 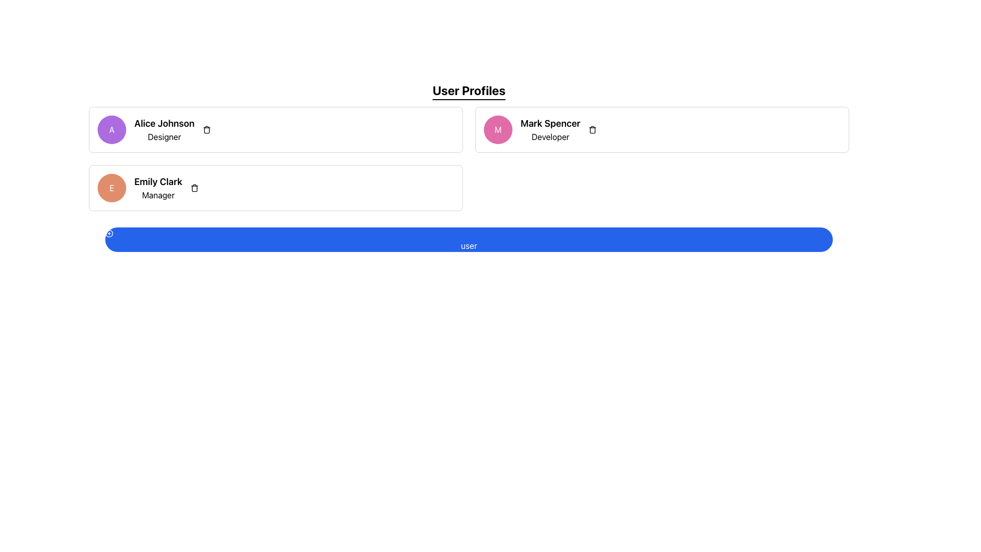 What do you see at coordinates (550, 123) in the screenshot?
I see `the user name text label in the profile card located in the top-right section of the interface` at bounding box center [550, 123].